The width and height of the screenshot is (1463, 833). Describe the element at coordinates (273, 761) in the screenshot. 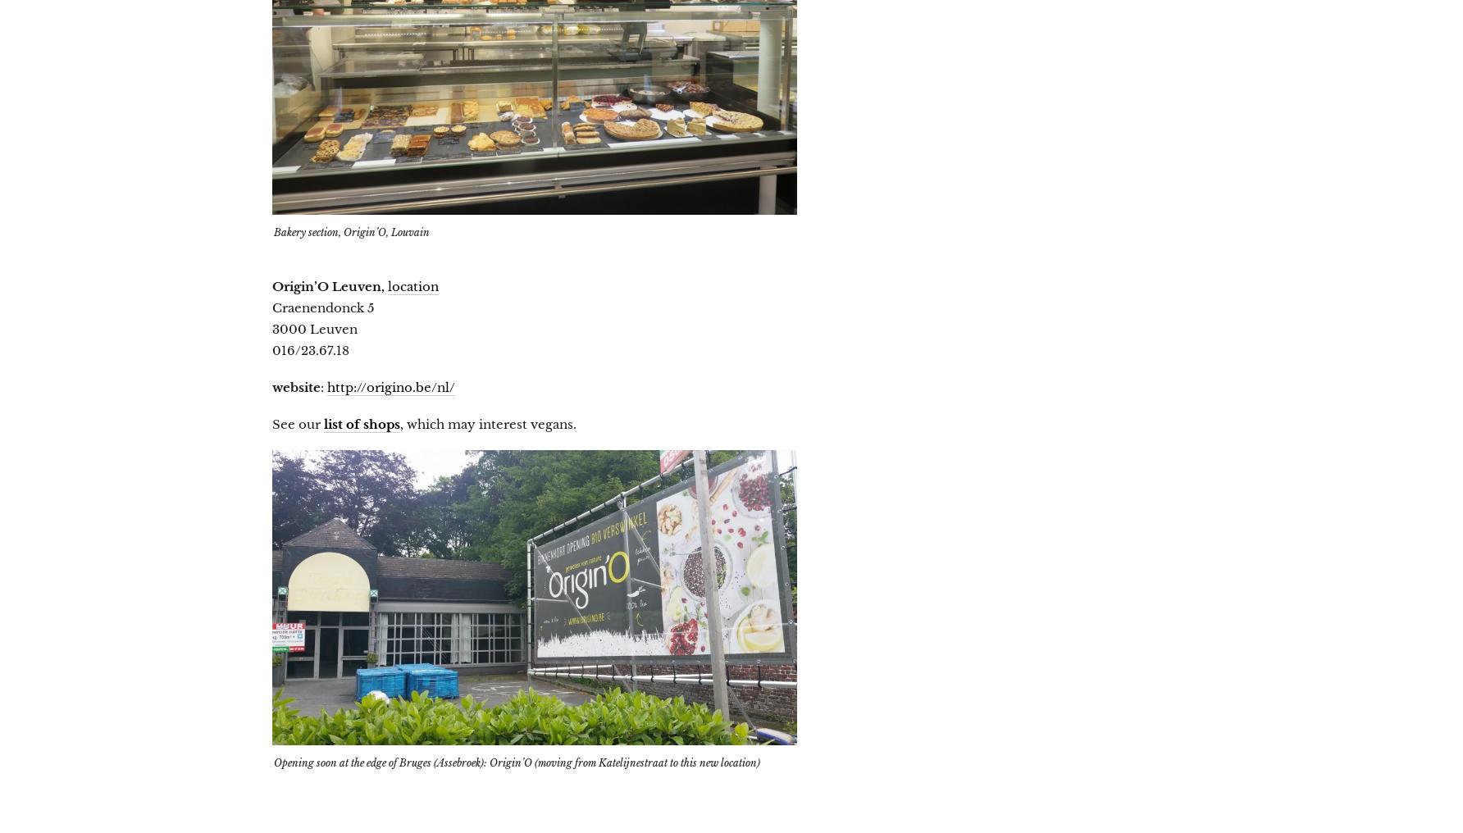

I see `'Opening soon at the edge of Bruges (Assebroek): Origin’O (moving from Katelijnestraat to this new location)'` at that location.